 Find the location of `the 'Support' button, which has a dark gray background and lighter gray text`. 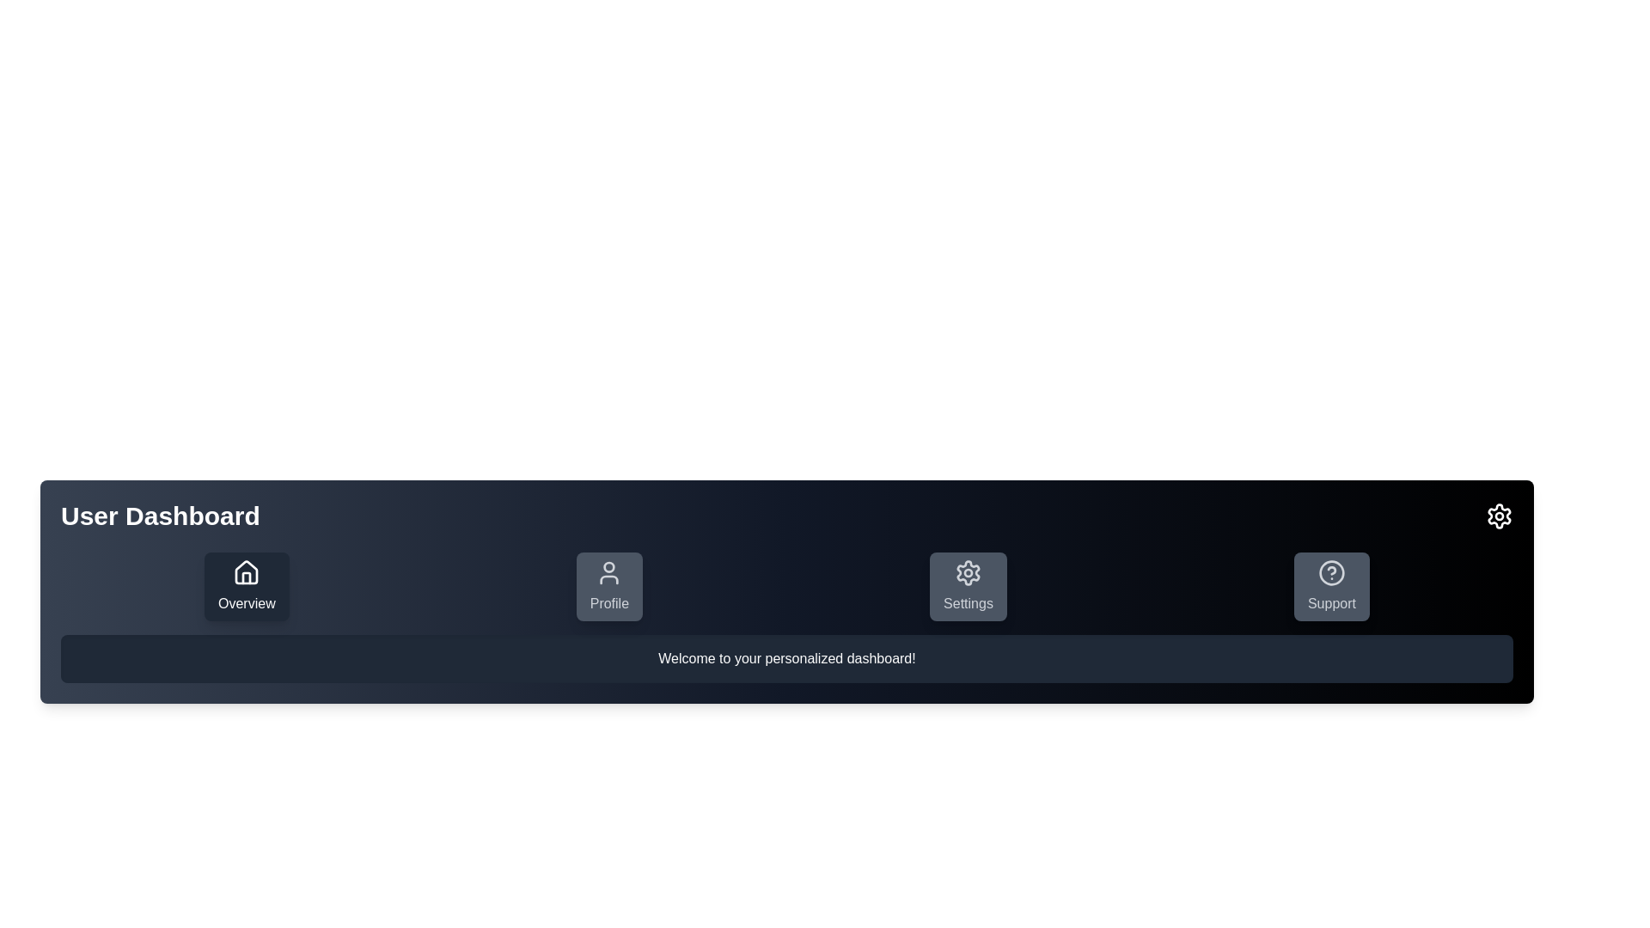

the 'Support' button, which has a dark gray background and lighter gray text is located at coordinates (1331, 585).